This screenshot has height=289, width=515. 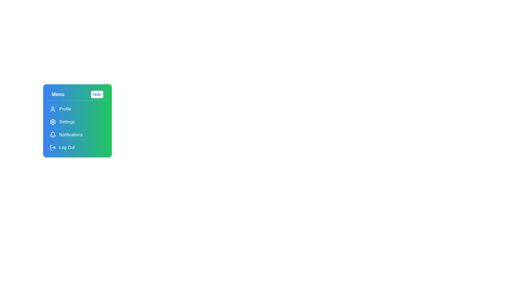 I want to click on the 'Notifications' item in the vertical navigation menu located in the top-left menu panel of the application, so click(x=77, y=128).